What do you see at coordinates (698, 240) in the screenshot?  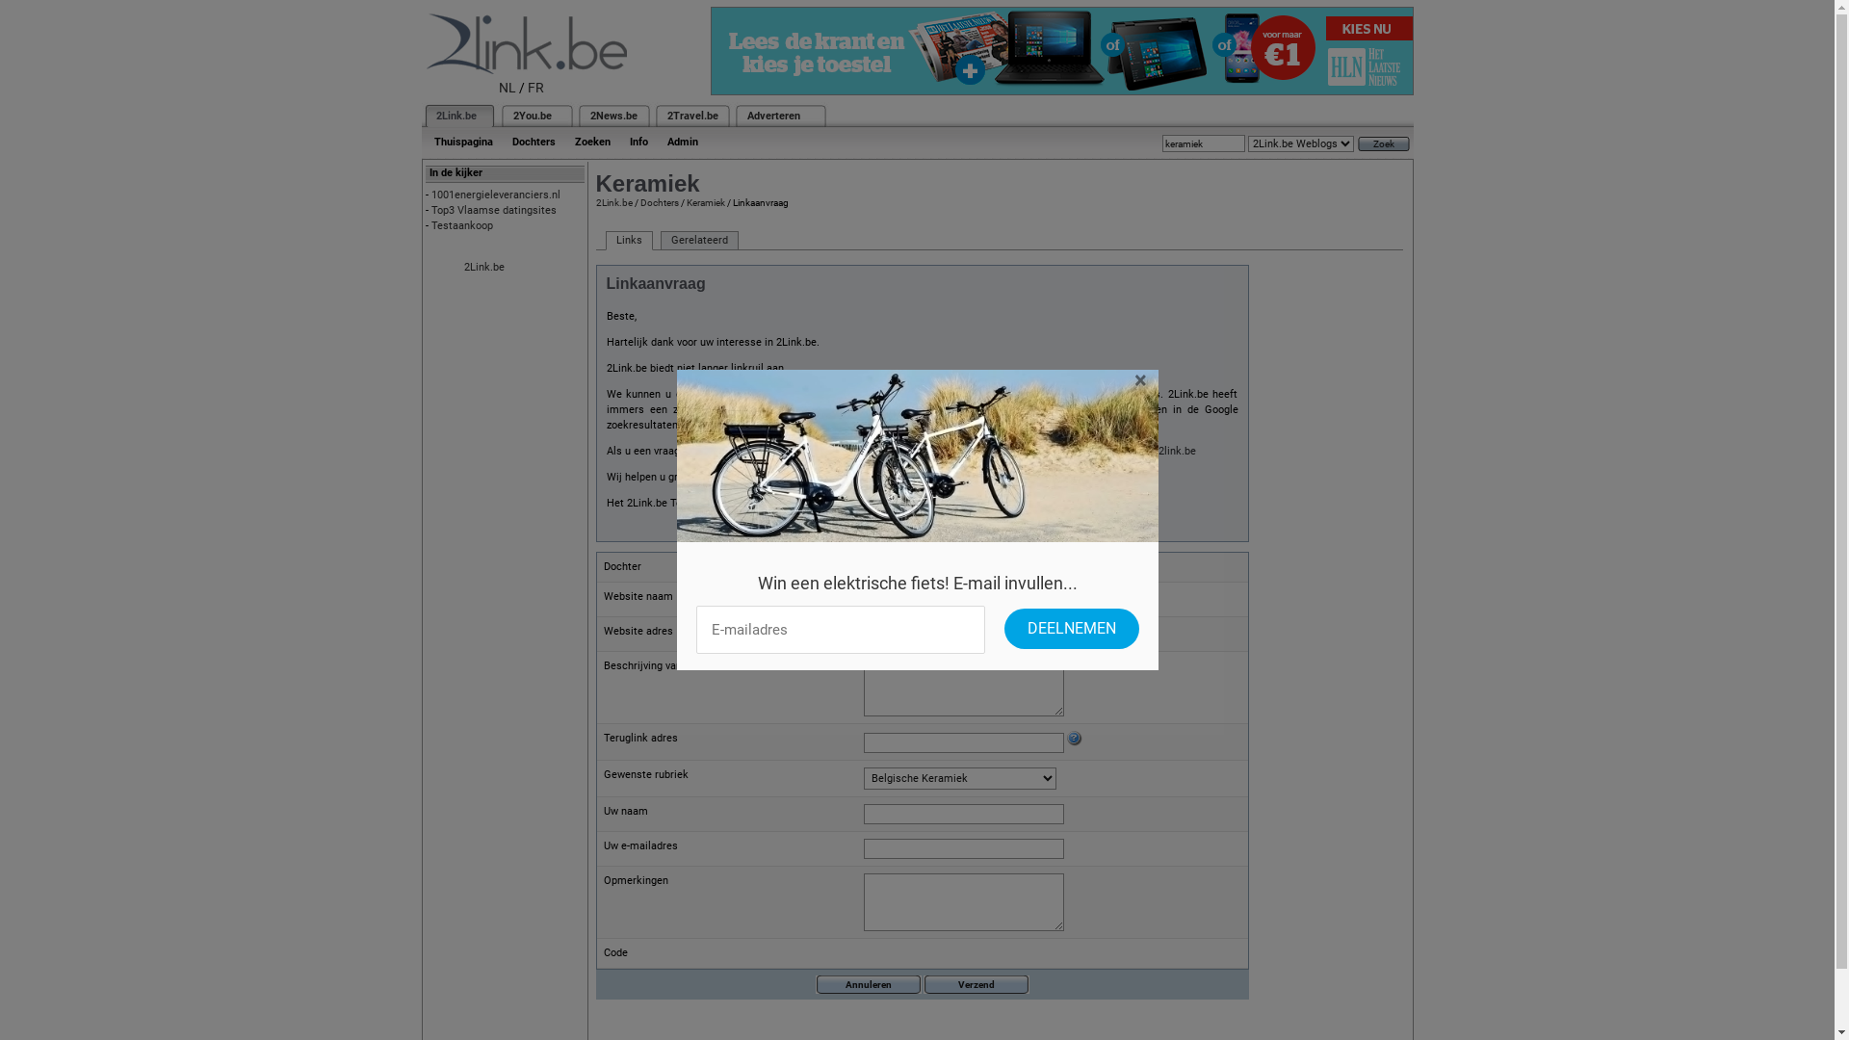 I see `'Gerelateerd'` at bounding box center [698, 240].